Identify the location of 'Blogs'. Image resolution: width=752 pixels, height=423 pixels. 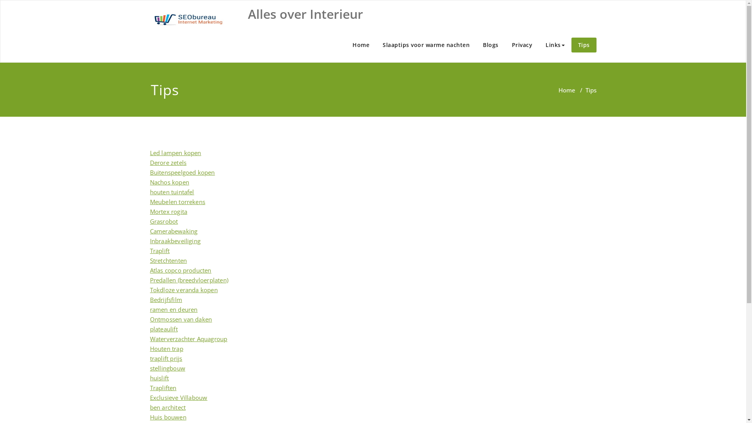
(490, 45).